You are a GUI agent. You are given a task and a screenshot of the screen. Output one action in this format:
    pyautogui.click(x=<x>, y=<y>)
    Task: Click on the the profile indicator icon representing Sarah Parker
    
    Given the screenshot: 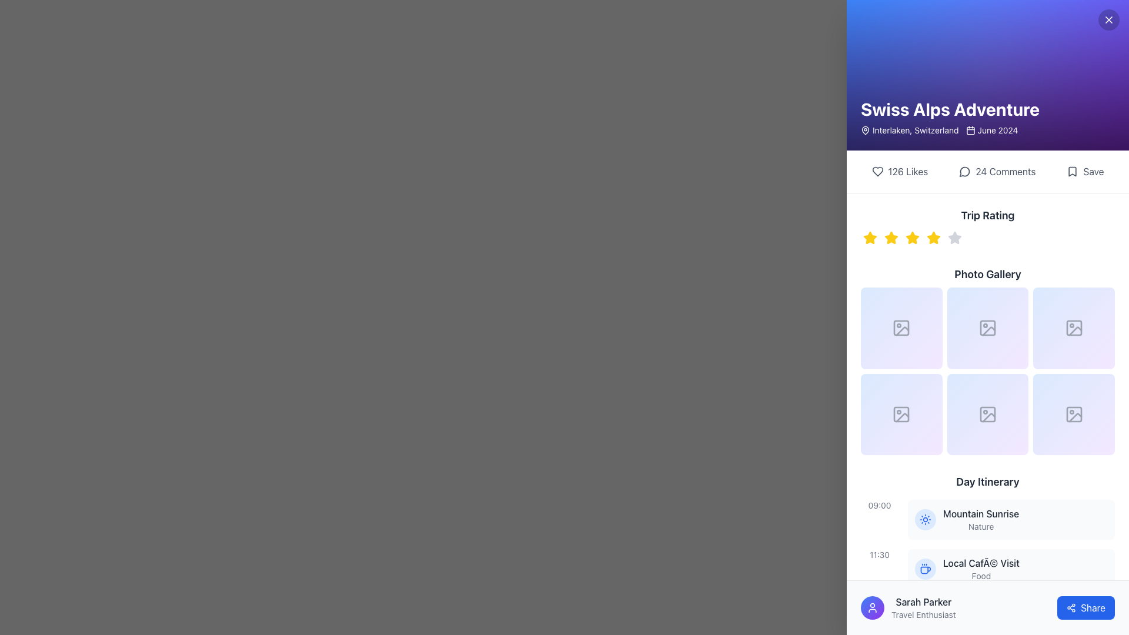 What is the action you would take?
    pyautogui.click(x=872, y=607)
    